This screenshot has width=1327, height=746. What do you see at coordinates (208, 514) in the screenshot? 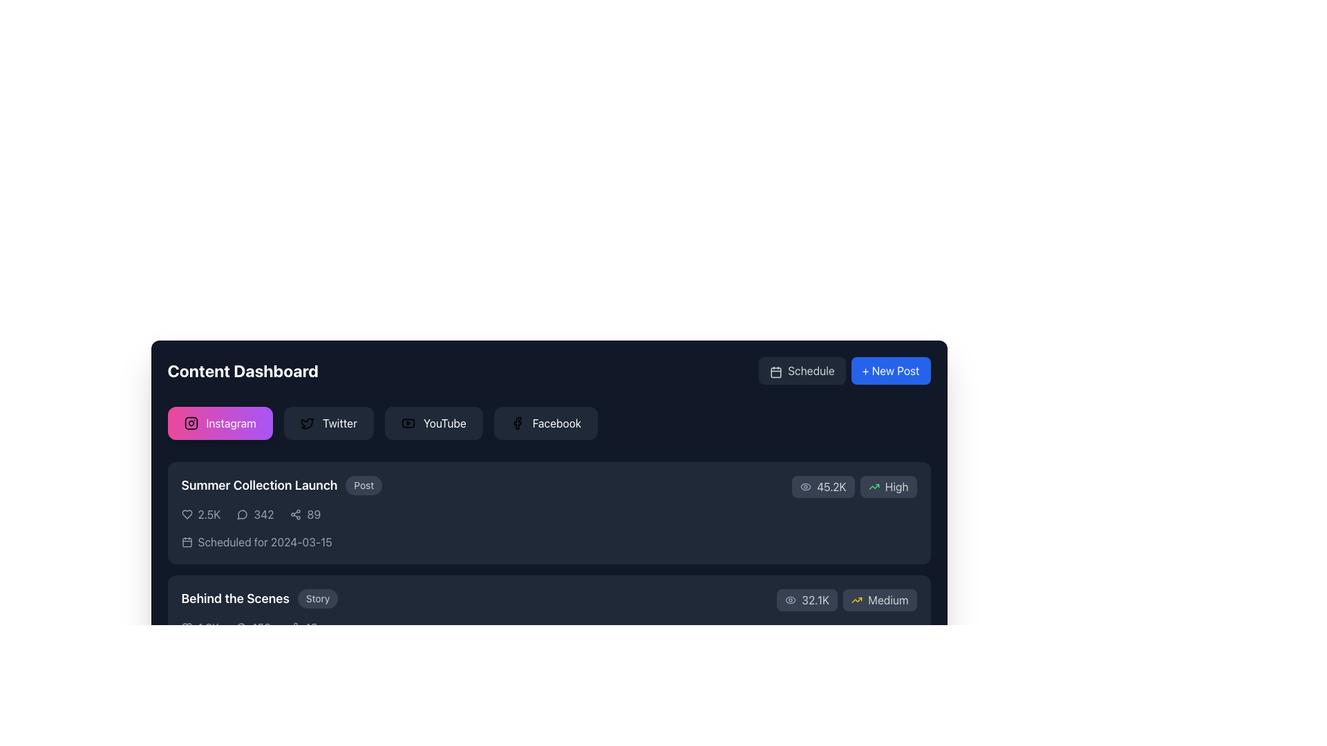
I see `text displayed as '2.5K' which indicates the count of likes or favorites next to the heart icon in the 'Summer Collection Launch' post` at bounding box center [208, 514].